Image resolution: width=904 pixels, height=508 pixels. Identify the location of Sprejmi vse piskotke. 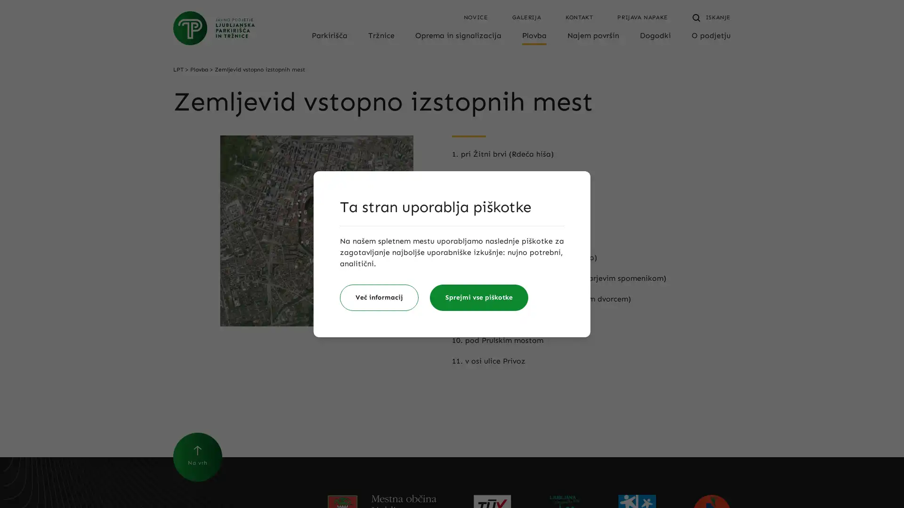
(479, 297).